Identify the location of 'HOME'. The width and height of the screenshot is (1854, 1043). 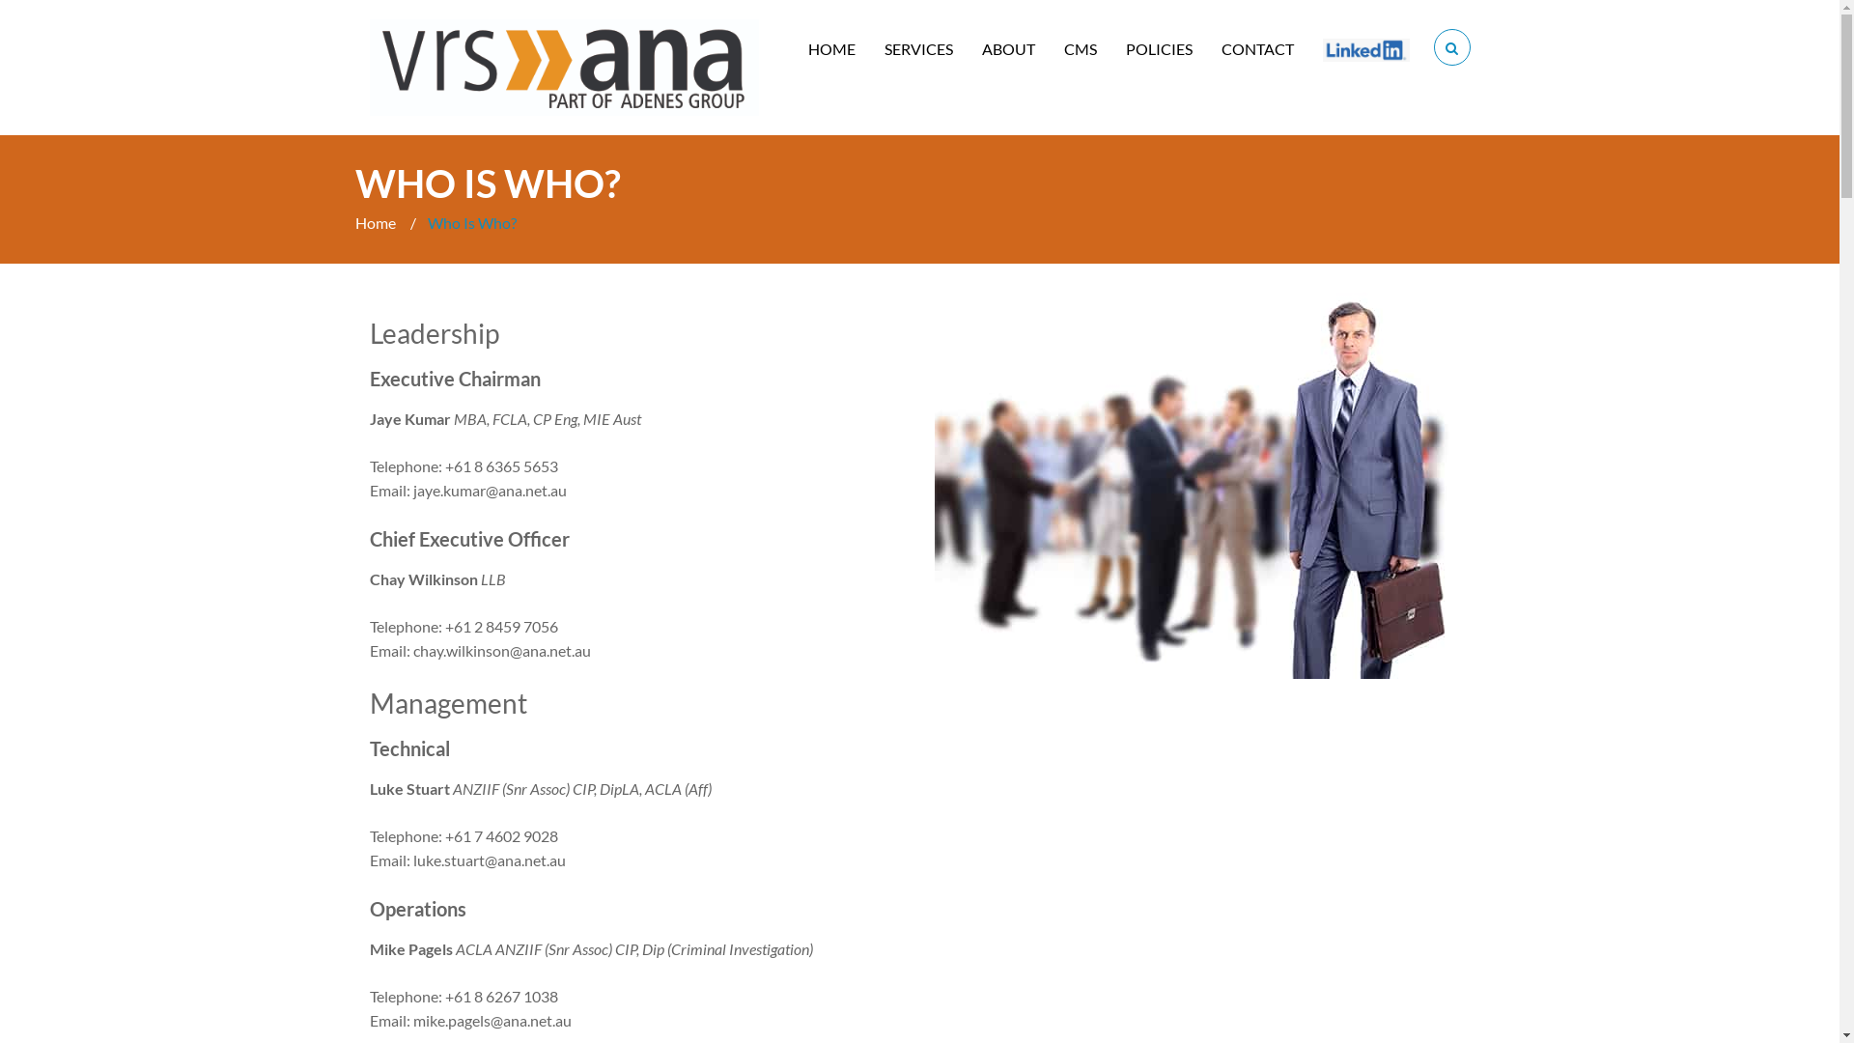
(830, 48).